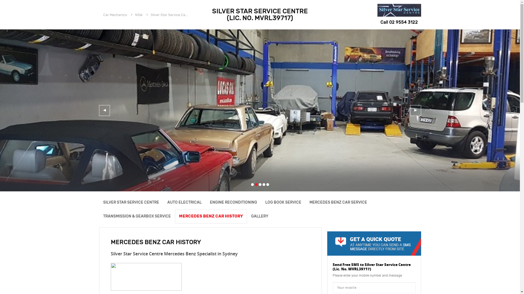 Image resolution: width=524 pixels, height=294 pixels. I want to click on 'AUTO ELECTRICAL', so click(184, 203).